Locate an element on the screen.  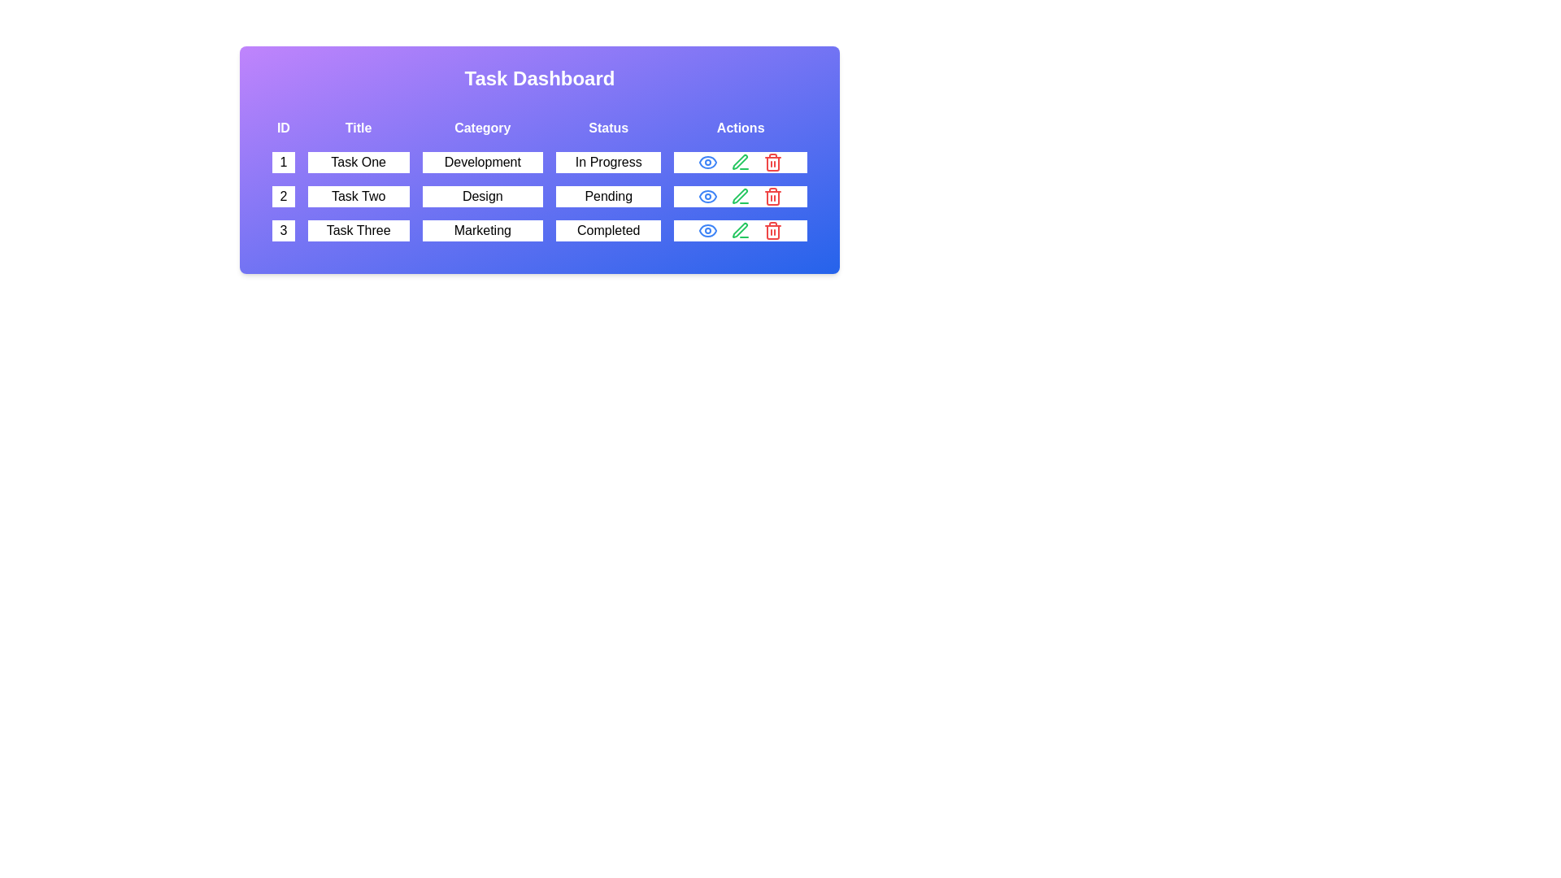
the eye icon for task 3 to view its details is located at coordinates (708, 231).